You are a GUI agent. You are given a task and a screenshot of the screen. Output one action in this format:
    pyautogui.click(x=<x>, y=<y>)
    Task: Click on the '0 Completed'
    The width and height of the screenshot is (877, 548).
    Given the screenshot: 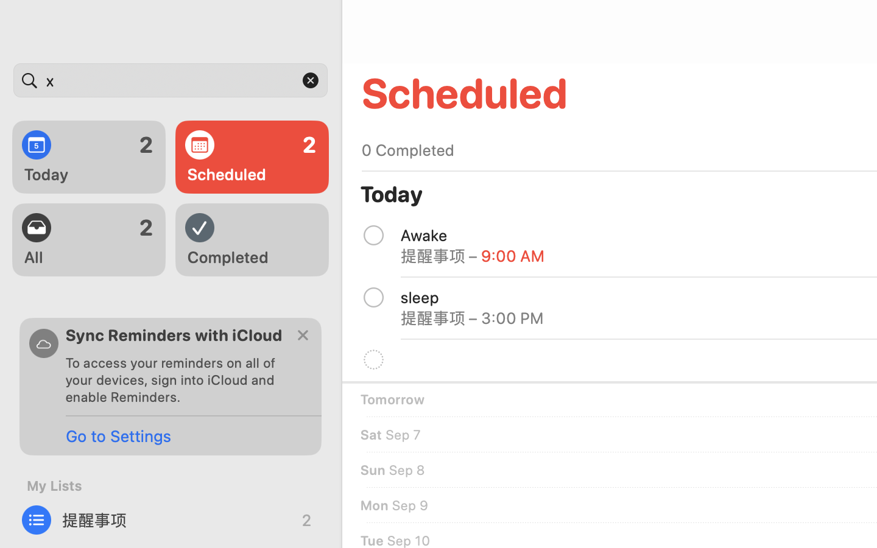 What is the action you would take?
    pyautogui.click(x=408, y=149)
    